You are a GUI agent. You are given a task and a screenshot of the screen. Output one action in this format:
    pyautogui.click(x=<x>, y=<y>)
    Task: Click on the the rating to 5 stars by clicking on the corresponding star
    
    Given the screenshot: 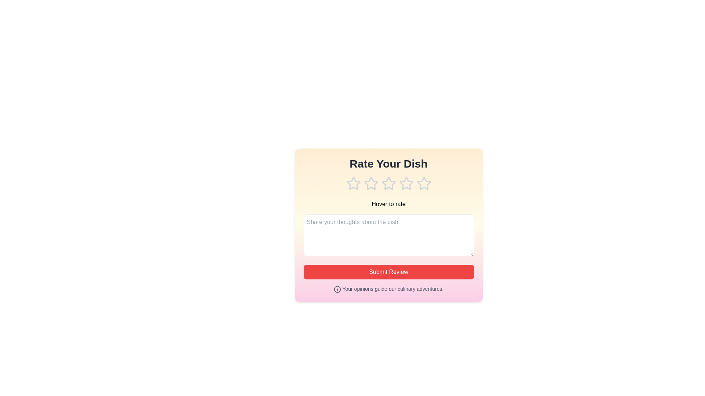 What is the action you would take?
    pyautogui.click(x=424, y=183)
    